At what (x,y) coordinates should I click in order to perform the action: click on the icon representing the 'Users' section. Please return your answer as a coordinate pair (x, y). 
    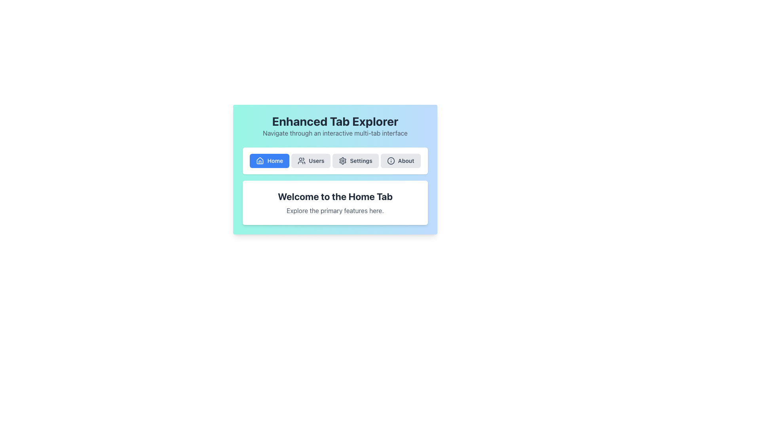
    Looking at the image, I should click on (301, 161).